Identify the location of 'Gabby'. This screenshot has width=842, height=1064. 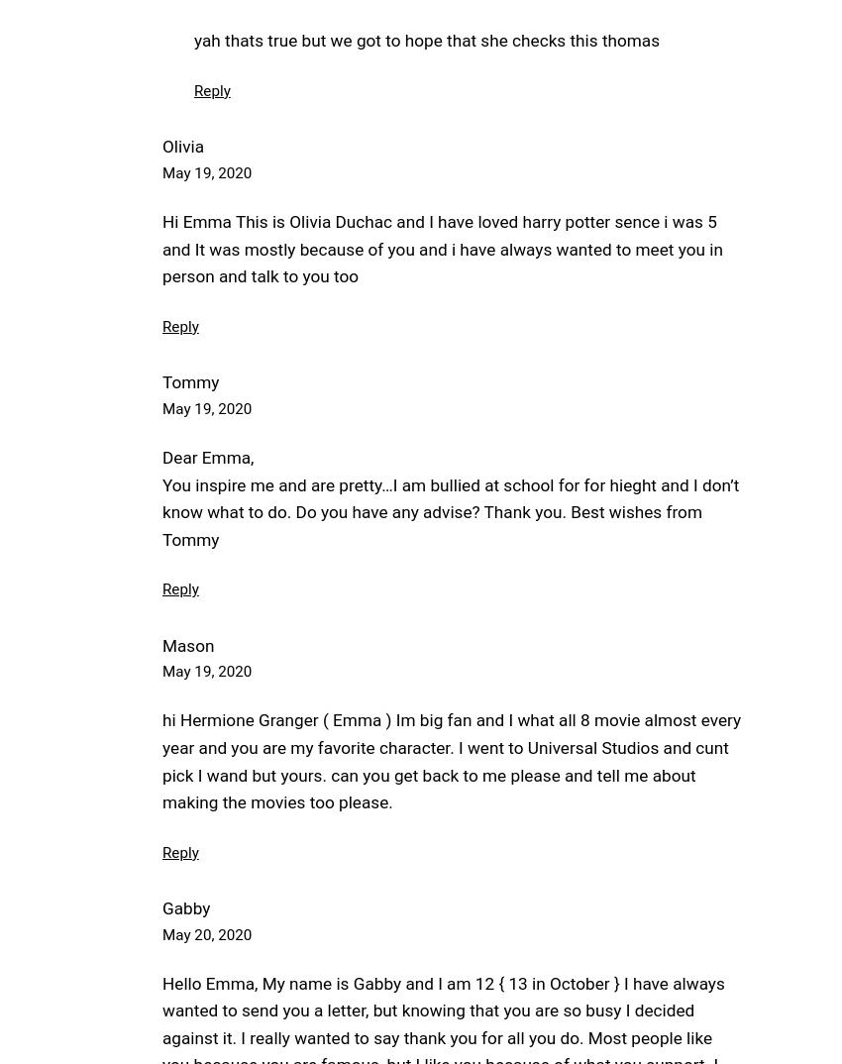
(185, 907).